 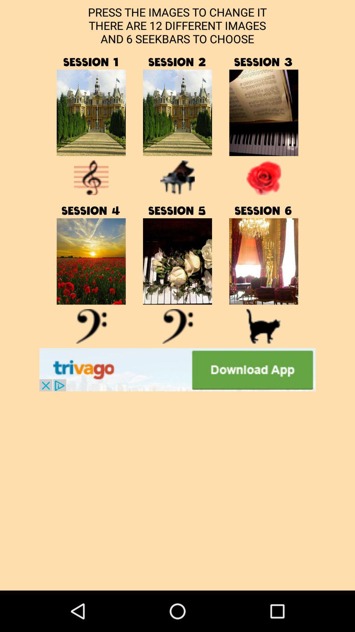 I want to click on symbol, so click(x=91, y=326).